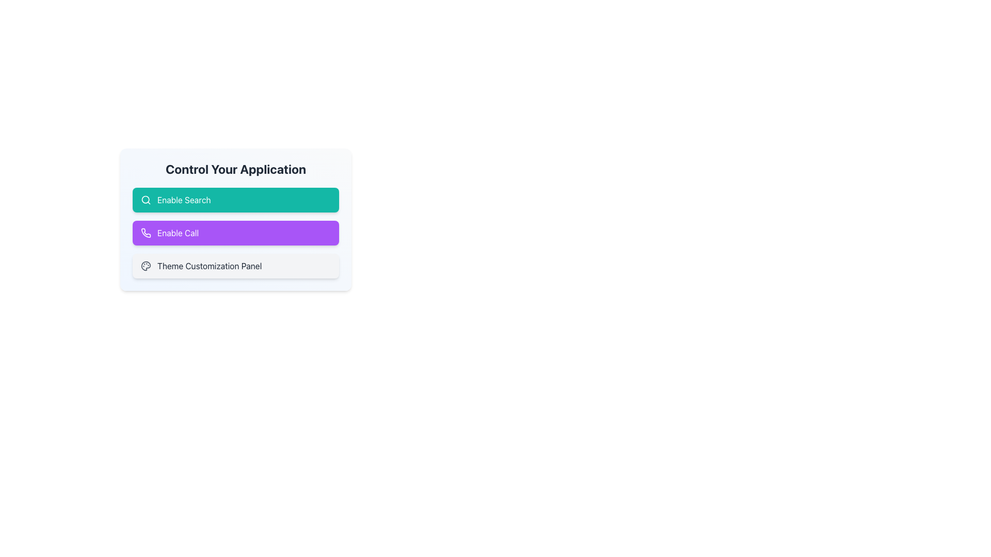 Image resolution: width=991 pixels, height=557 pixels. Describe the element at coordinates (146, 266) in the screenshot. I see `the theme customization icon, which is the third option in the control panel list adjacent to the label 'Theme Customization Panel'` at that location.